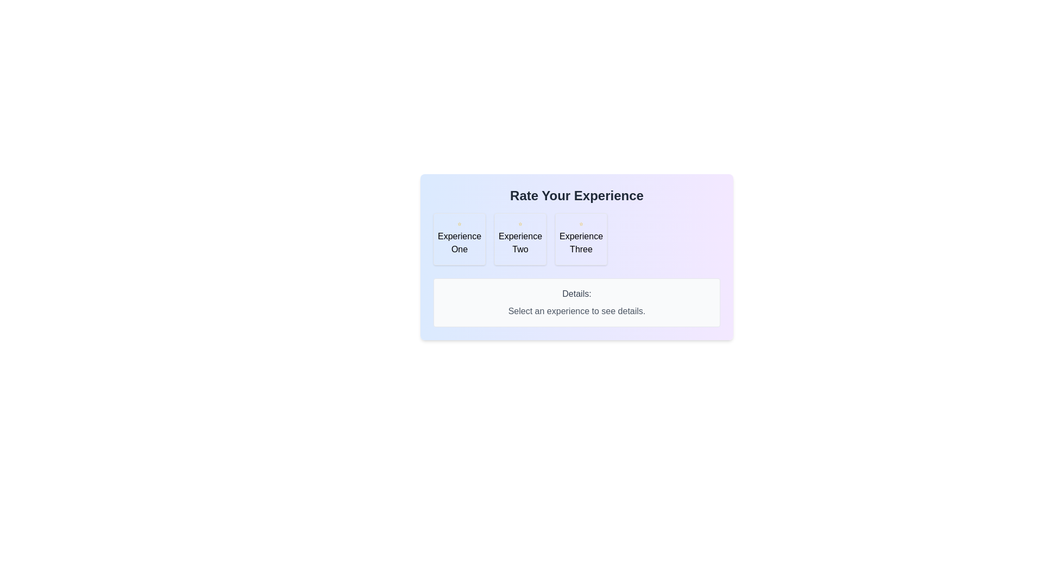  What do you see at coordinates (576, 311) in the screenshot?
I see `the informative text label located in the 'Details:' section, positioned centrally below the experience selection cards` at bounding box center [576, 311].